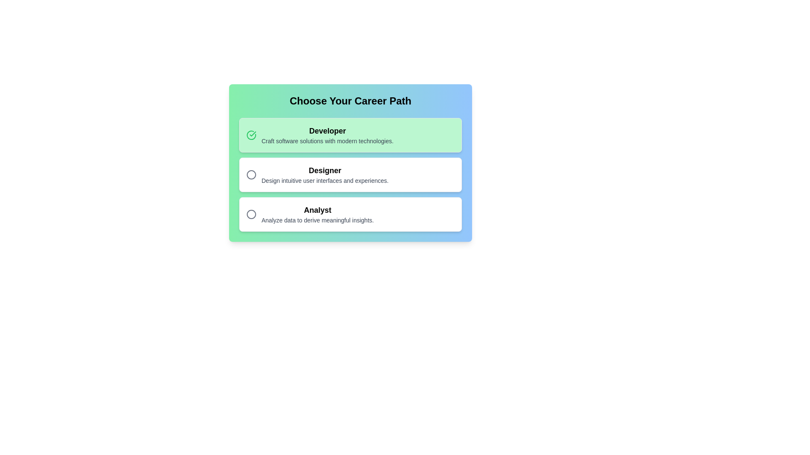 This screenshot has width=810, height=455. What do you see at coordinates (251, 174) in the screenshot?
I see `the circular SVG graphic element that serves as an icon next to the 'Designer' label in the second option of the career paths list` at bounding box center [251, 174].